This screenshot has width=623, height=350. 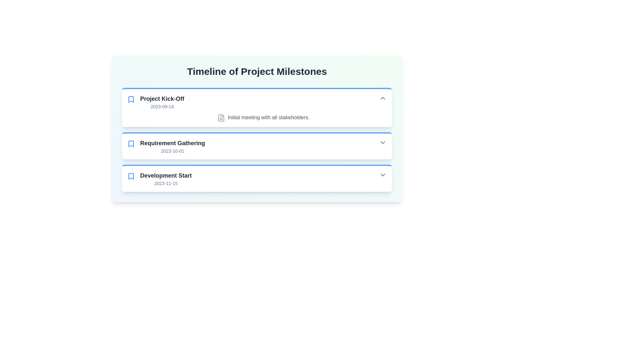 I want to click on the timeline entry titled 'Requirement Gathering', so click(x=257, y=139).